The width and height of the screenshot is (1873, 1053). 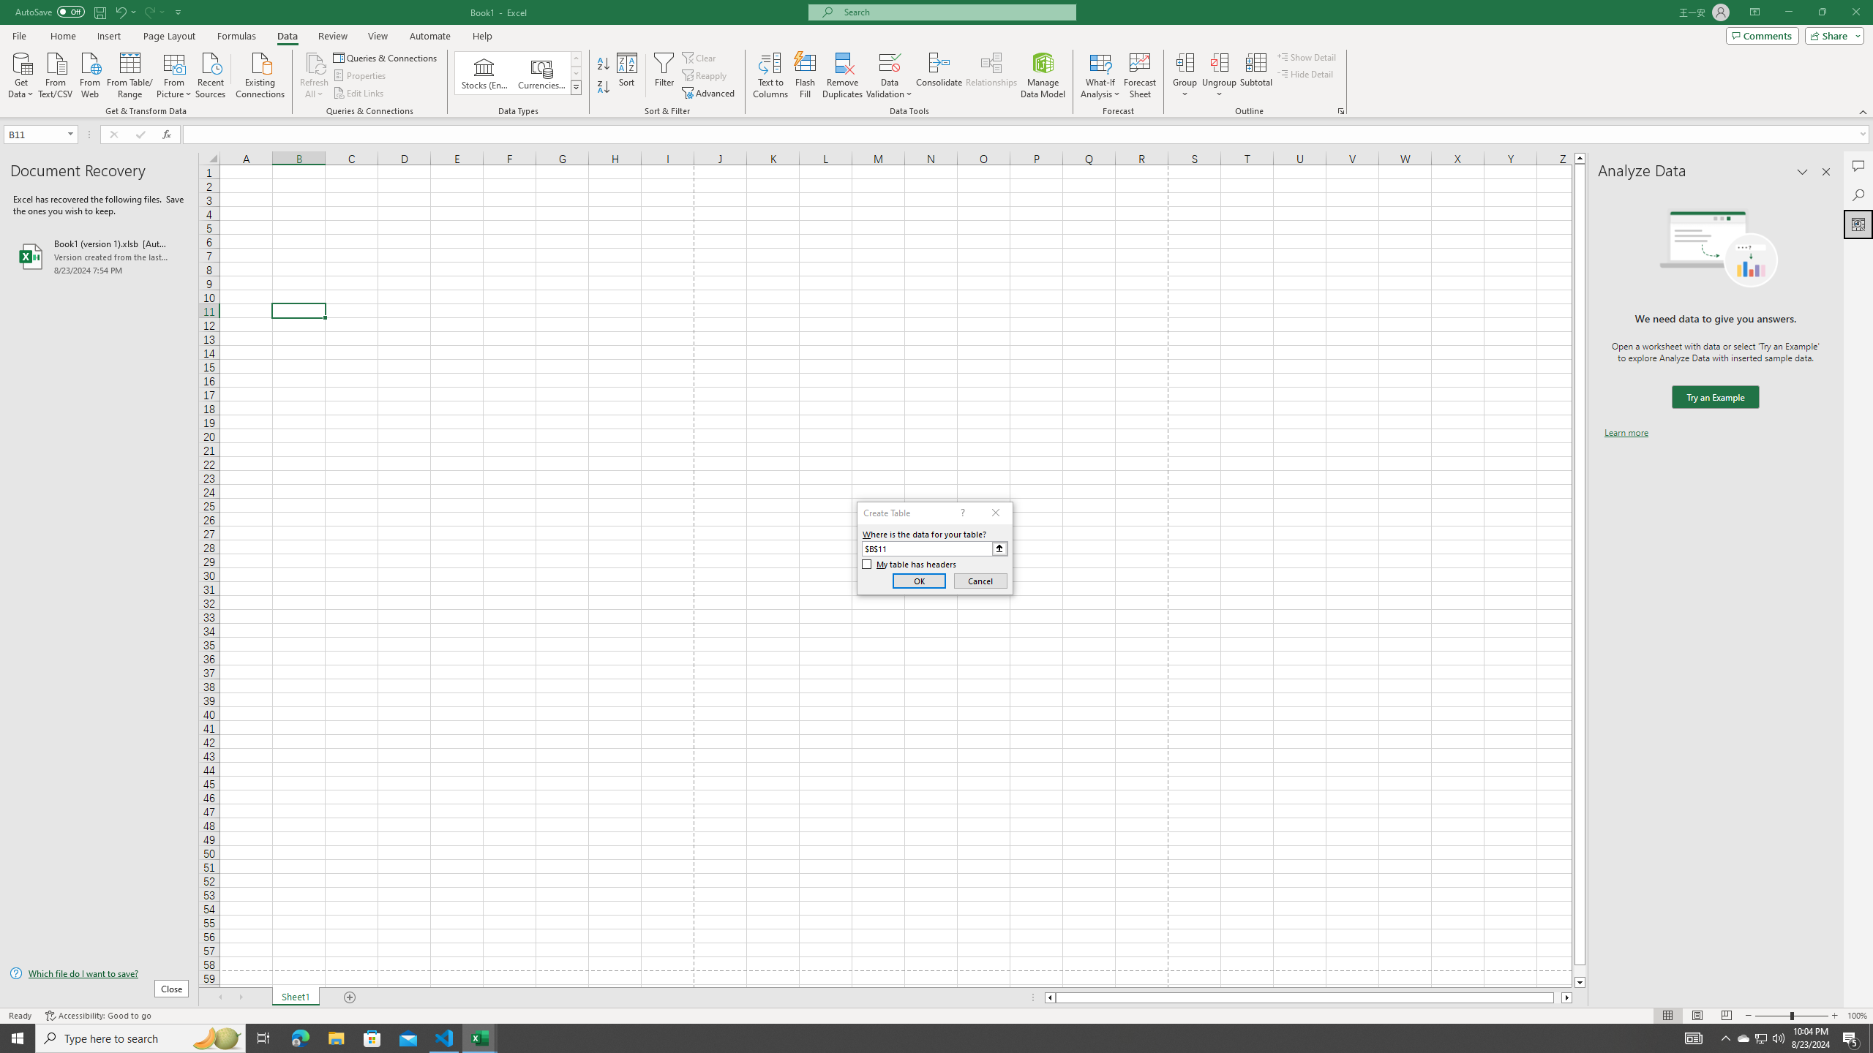 What do you see at coordinates (1100, 75) in the screenshot?
I see `'What-If Analysis'` at bounding box center [1100, 75].